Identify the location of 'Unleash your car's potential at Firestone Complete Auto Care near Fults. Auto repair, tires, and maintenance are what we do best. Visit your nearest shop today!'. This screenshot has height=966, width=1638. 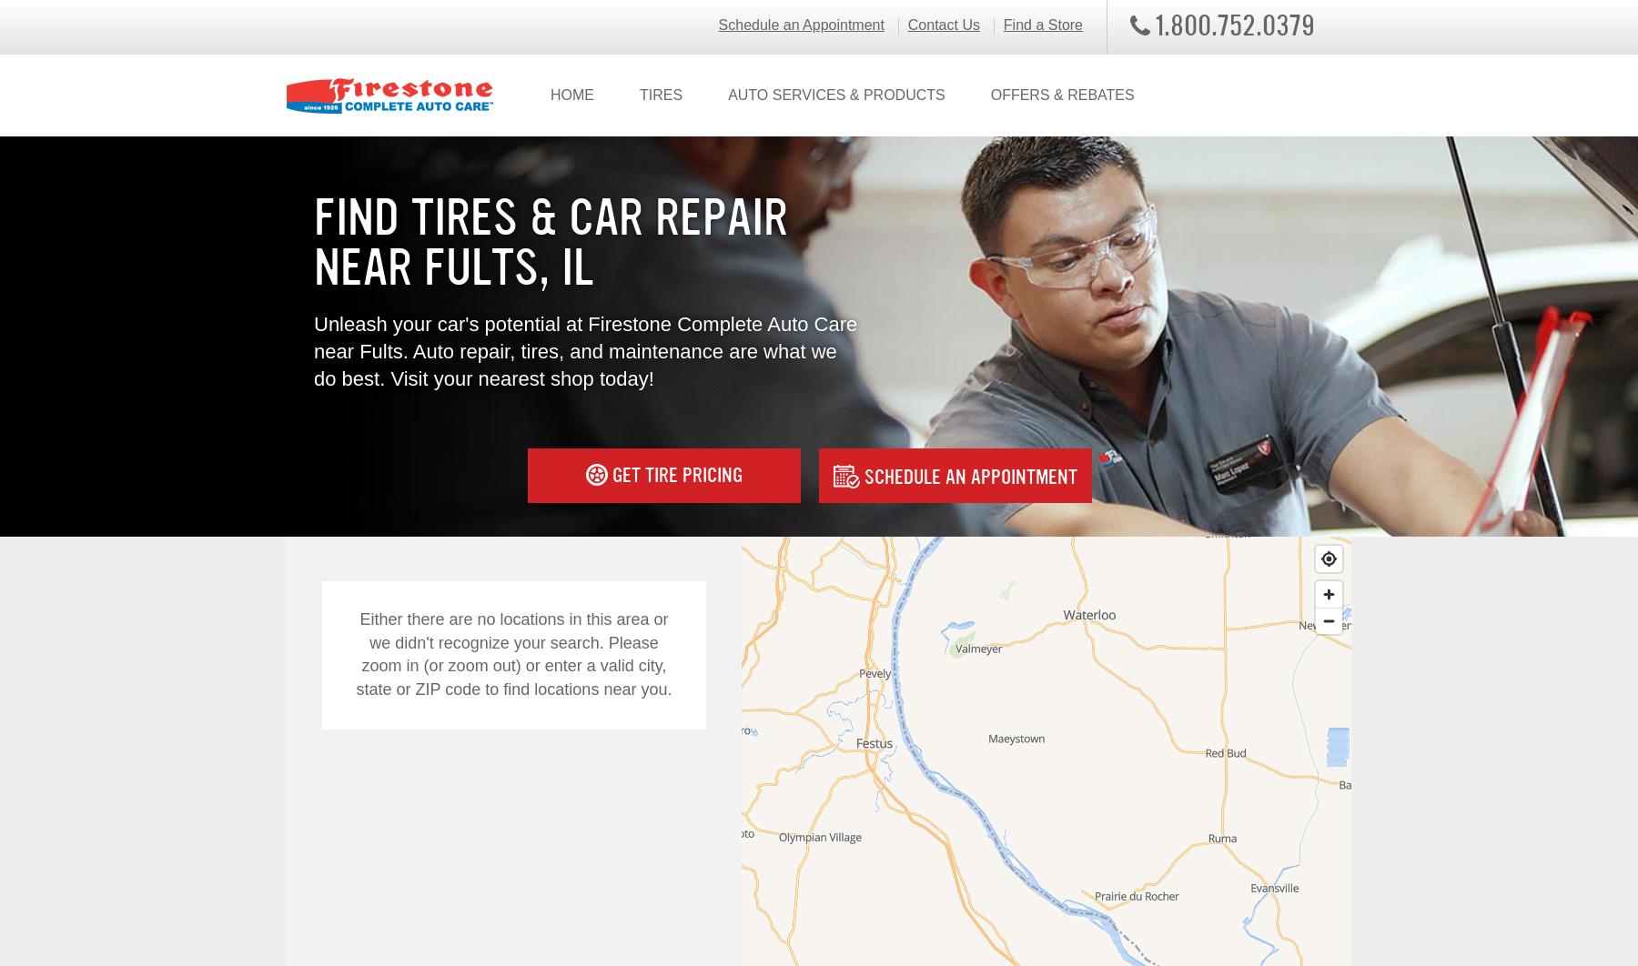
(585, 350).